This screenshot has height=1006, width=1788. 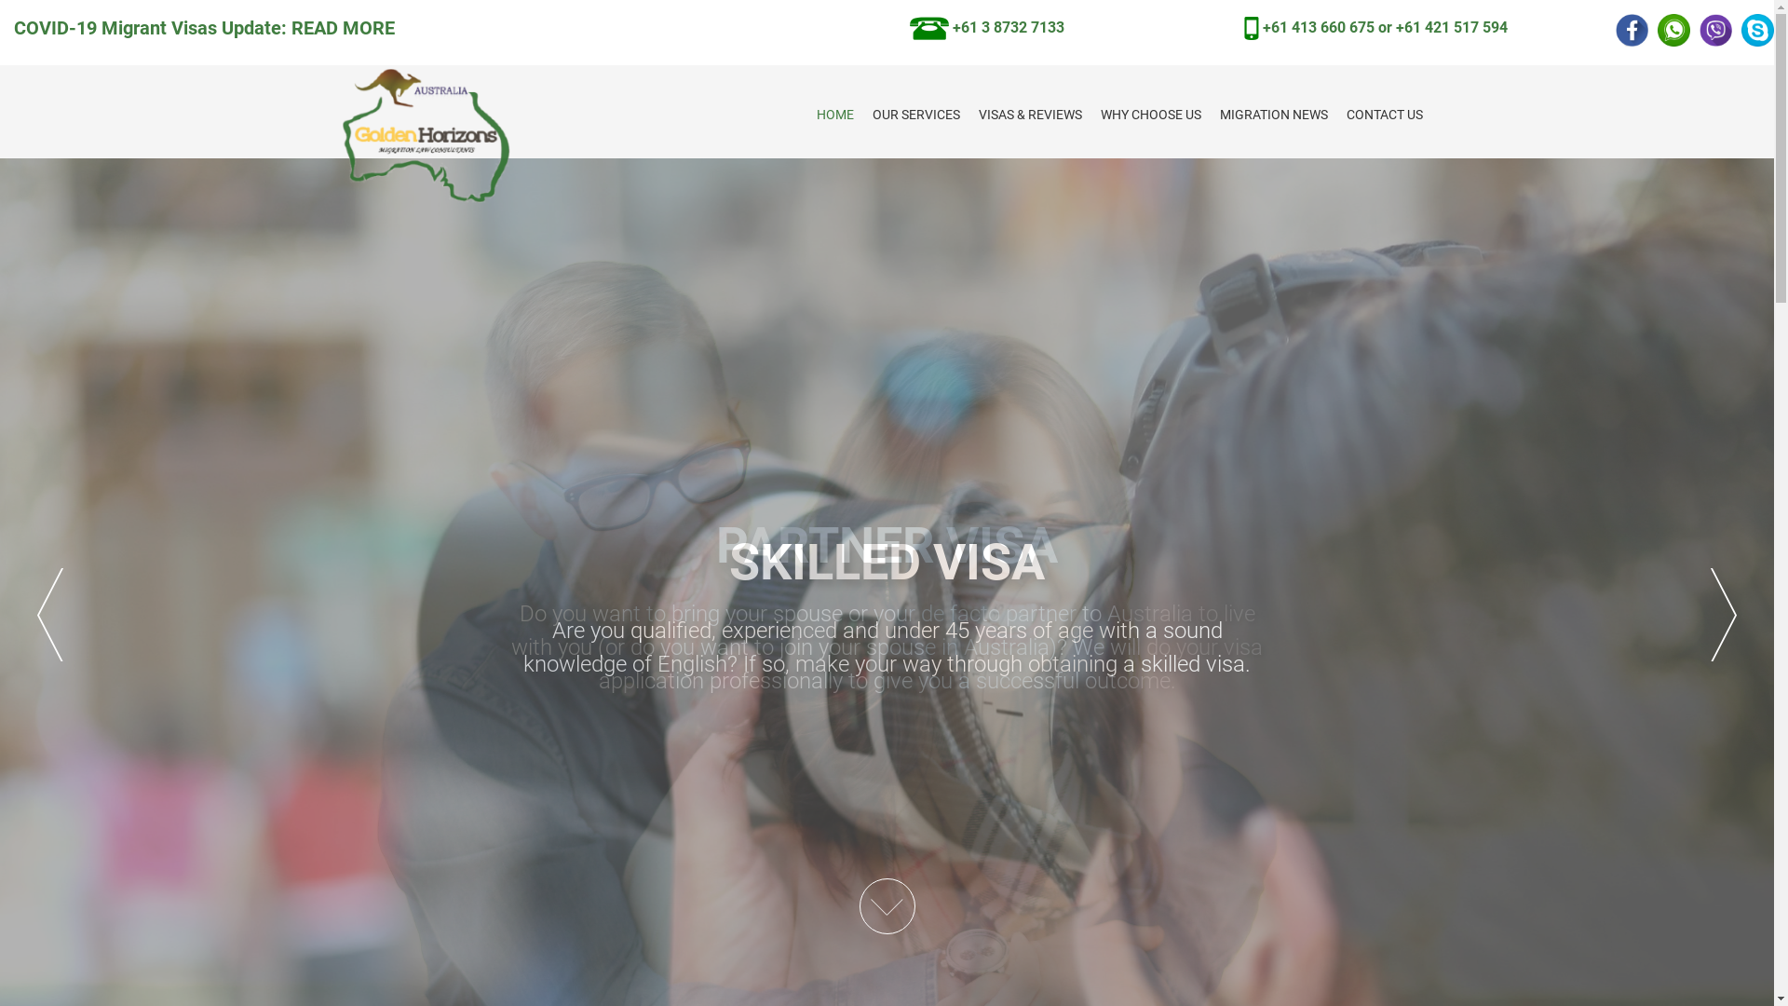 I want to click on 'Prev', so click(x=49, y=614).